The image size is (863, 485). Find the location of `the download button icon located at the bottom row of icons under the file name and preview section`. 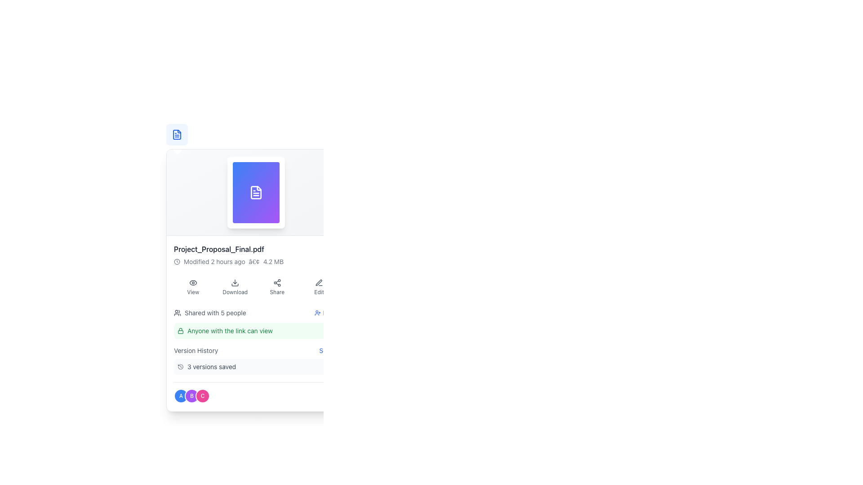

the download button icon located at the bottom row of icons under the file name and preview section is located at coordinates (235, 282).